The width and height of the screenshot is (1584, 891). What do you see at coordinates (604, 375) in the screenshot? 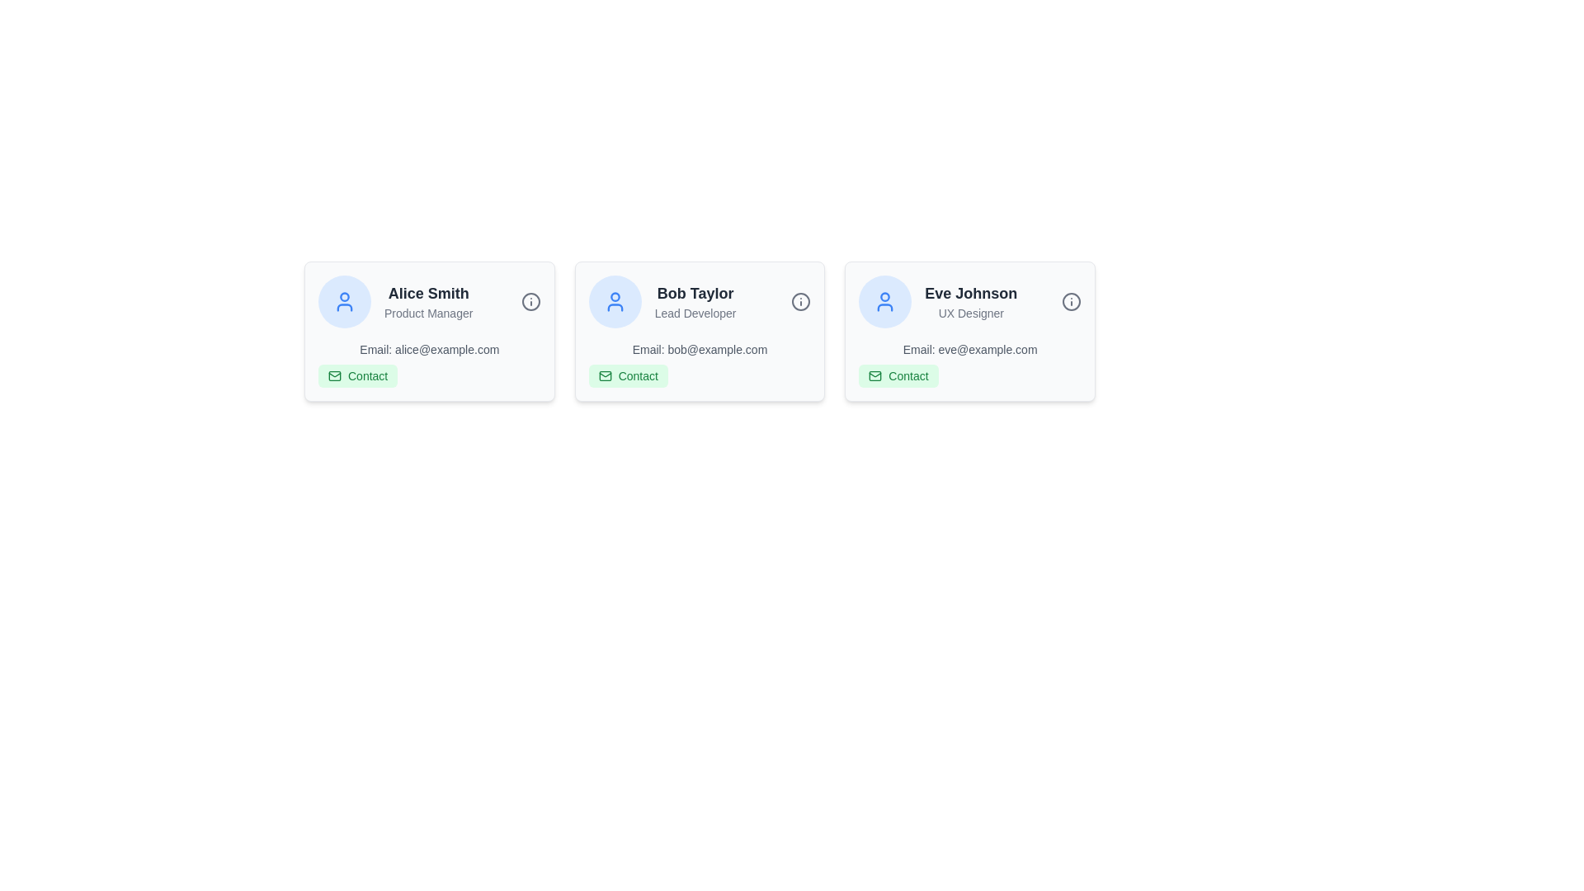
I see `properties of the rectangular boundary element that serves as the background for the envelope icon in the second contact card, located near the email section labeled 'Email: bob@example.com'` at bounding box center [604, 375].